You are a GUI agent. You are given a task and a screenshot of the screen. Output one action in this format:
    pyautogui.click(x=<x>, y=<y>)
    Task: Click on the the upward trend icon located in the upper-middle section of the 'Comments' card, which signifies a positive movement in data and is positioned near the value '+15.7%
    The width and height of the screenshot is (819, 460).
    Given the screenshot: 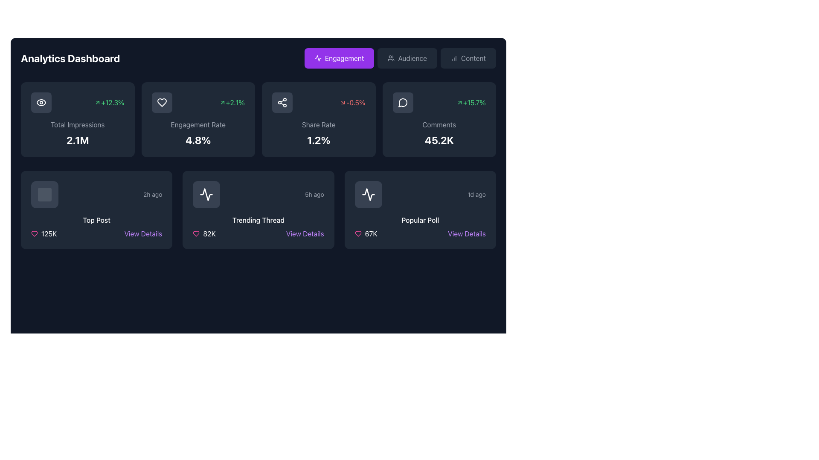 What is the action you would take?
    pyautogui.click(x=459, y=102)
    